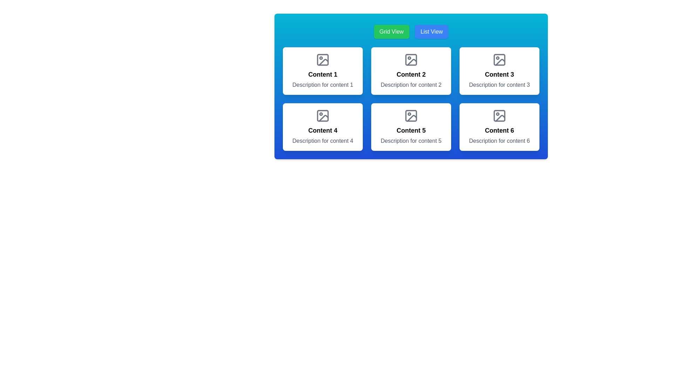 The width and height of the screenshot is (673, 378). What do you see at coordinates (411, 59) in the screenshot?
I see `the gray stylized SVG icon resembling an image symbol, which is located in the second column of a grid layout and positioned directly above the text label 'Content 2'` at bounding box center [411, 59].